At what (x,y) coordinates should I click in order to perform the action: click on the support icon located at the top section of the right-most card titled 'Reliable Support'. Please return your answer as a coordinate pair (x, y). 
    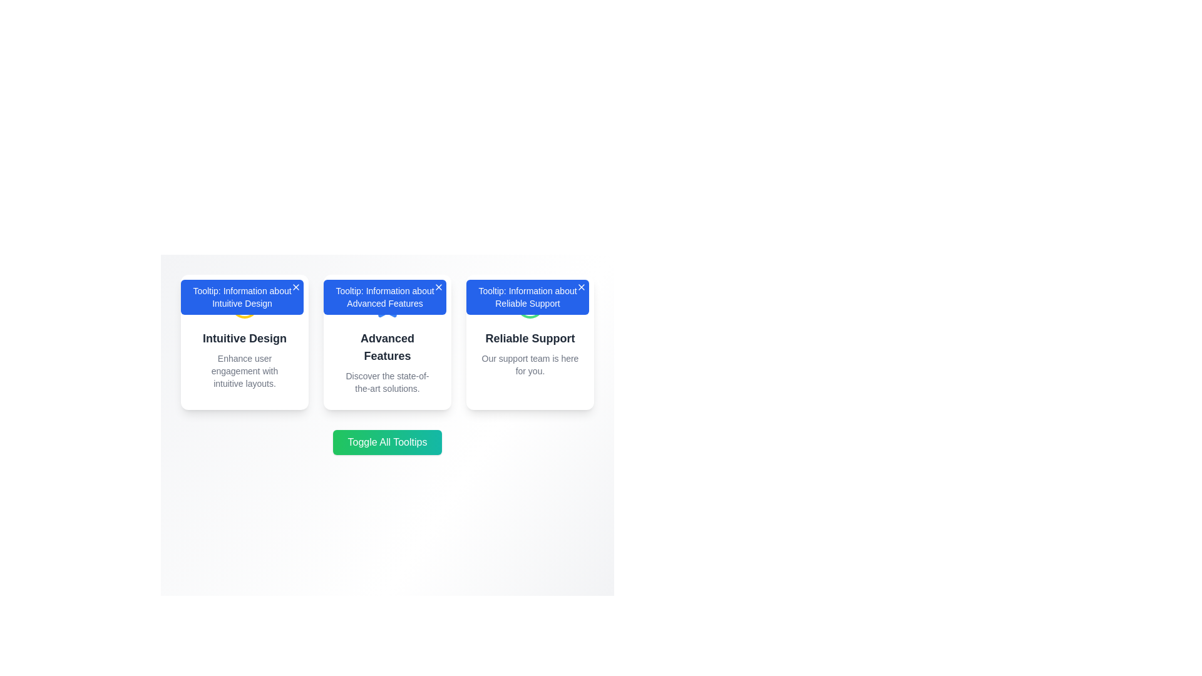
    Looking at the image, I should click on (530, 304).